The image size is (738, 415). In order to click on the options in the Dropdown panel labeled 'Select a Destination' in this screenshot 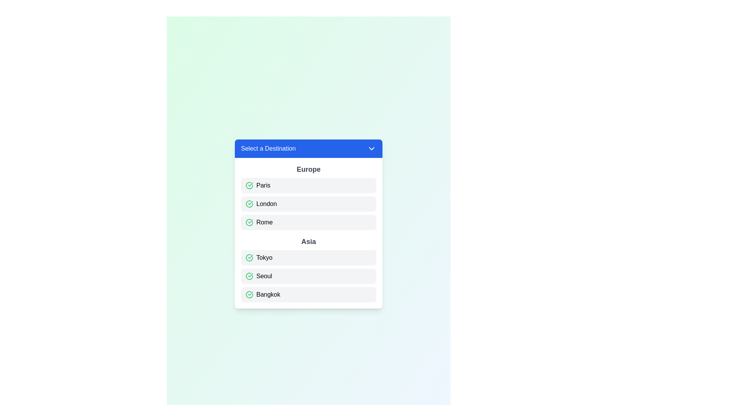, I will do `click(308, 224)`.